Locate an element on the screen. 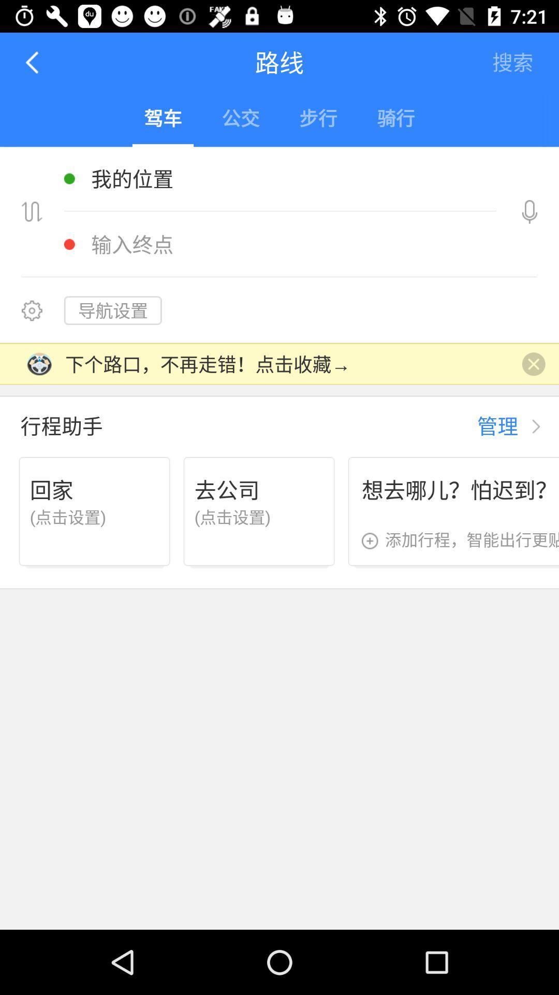  the arrow_backward icon is located at coordinates (33, 62).